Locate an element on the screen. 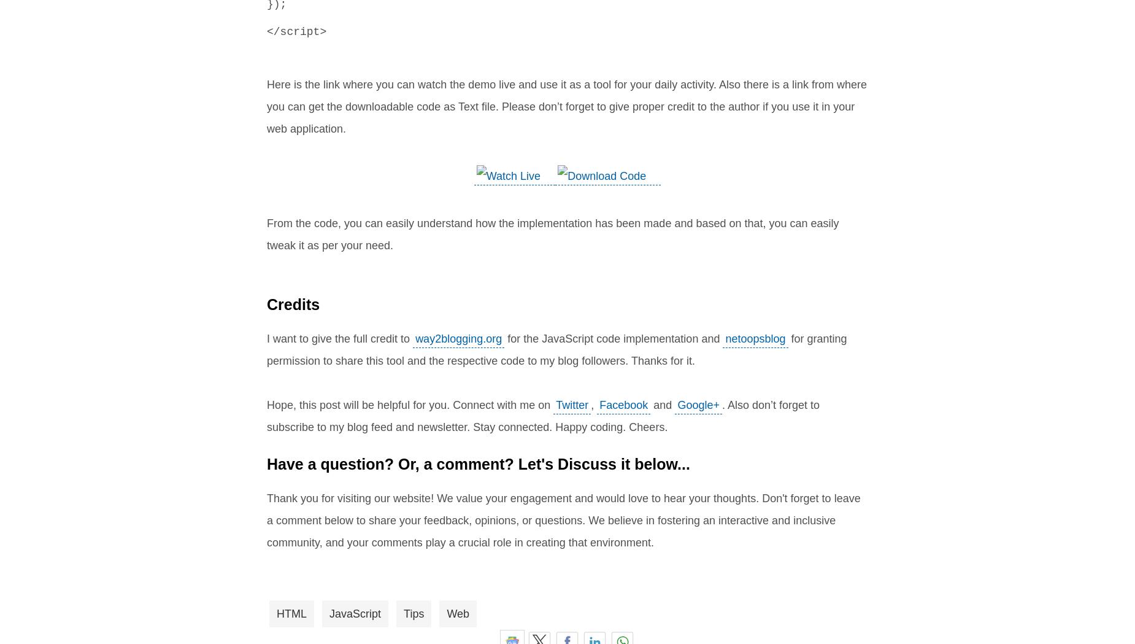  'script' is located at coordinates (299, 32).